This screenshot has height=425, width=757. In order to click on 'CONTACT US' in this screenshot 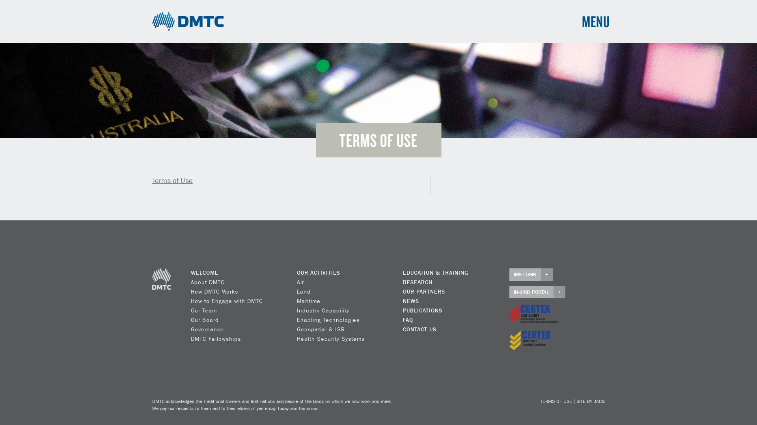, I will do `click(419, 329)`.